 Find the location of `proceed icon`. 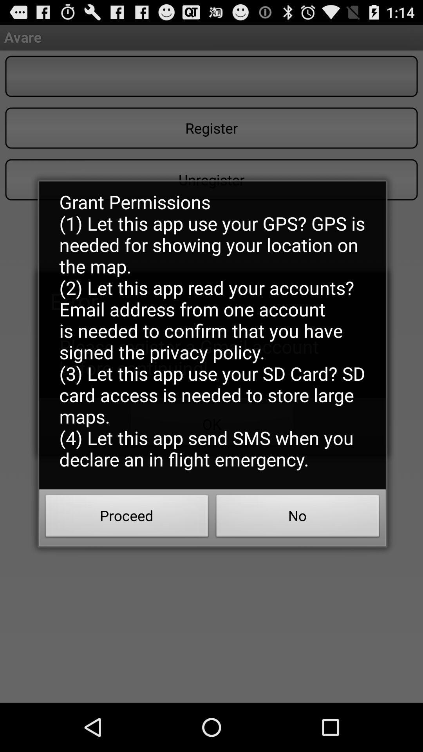

proceed icon is located at coordinates (127, 518).